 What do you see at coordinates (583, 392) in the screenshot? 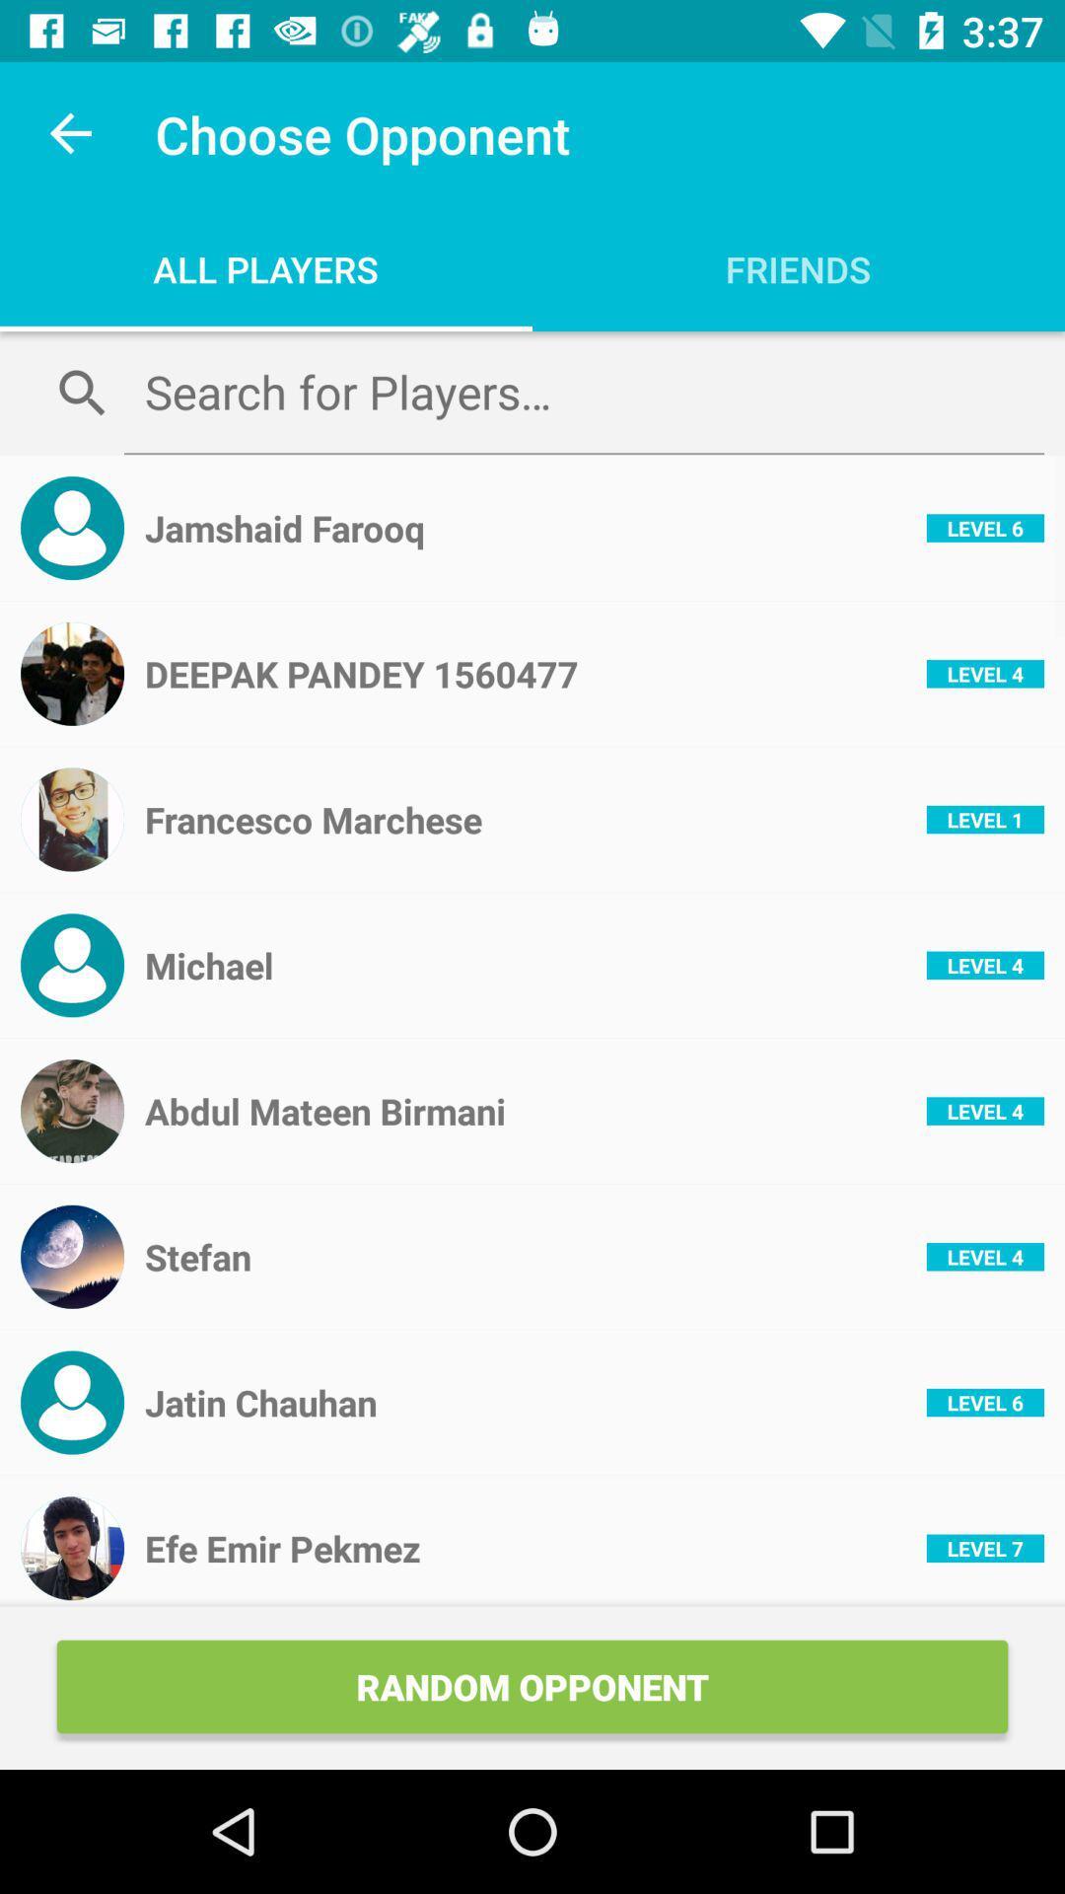
I see `search for opponents` at bounding box center [583, 392].